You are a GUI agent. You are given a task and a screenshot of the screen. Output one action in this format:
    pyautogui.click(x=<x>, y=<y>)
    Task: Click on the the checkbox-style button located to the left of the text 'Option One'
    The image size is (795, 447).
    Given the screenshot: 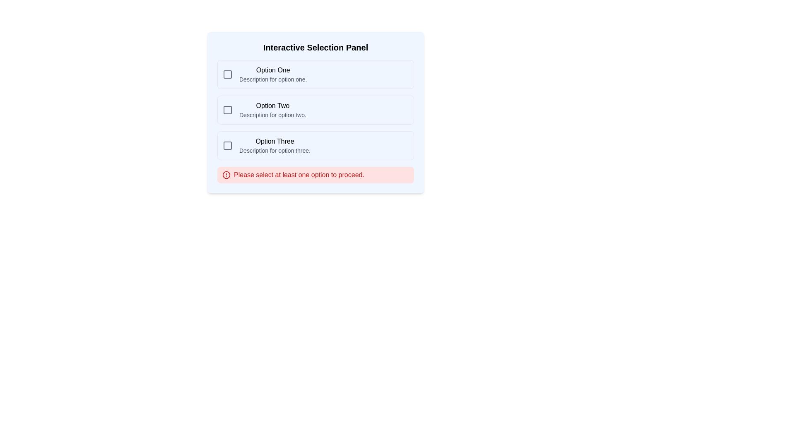 What is the action you would take?
    pyautogui.click(x=228, y=74)
    